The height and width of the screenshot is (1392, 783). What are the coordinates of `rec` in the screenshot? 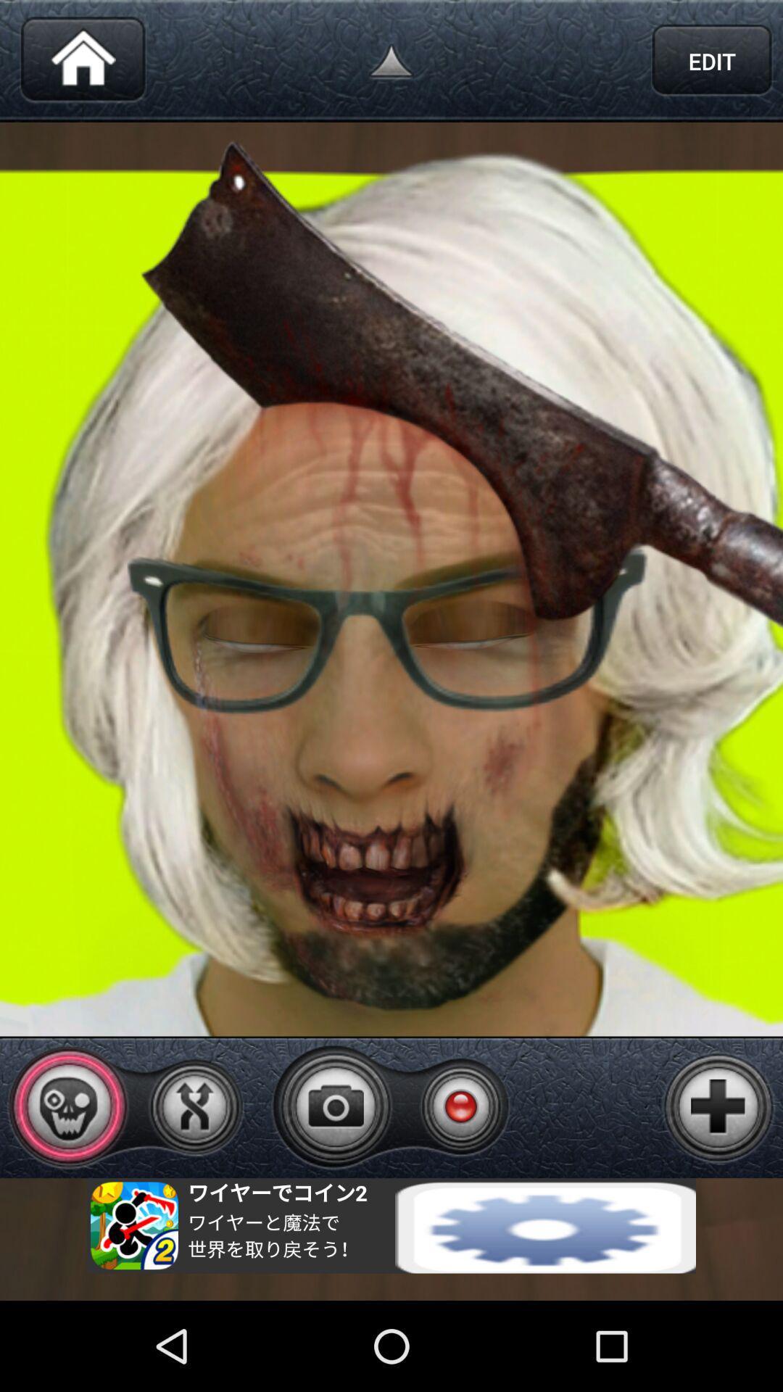 It's located at (461, 1106).